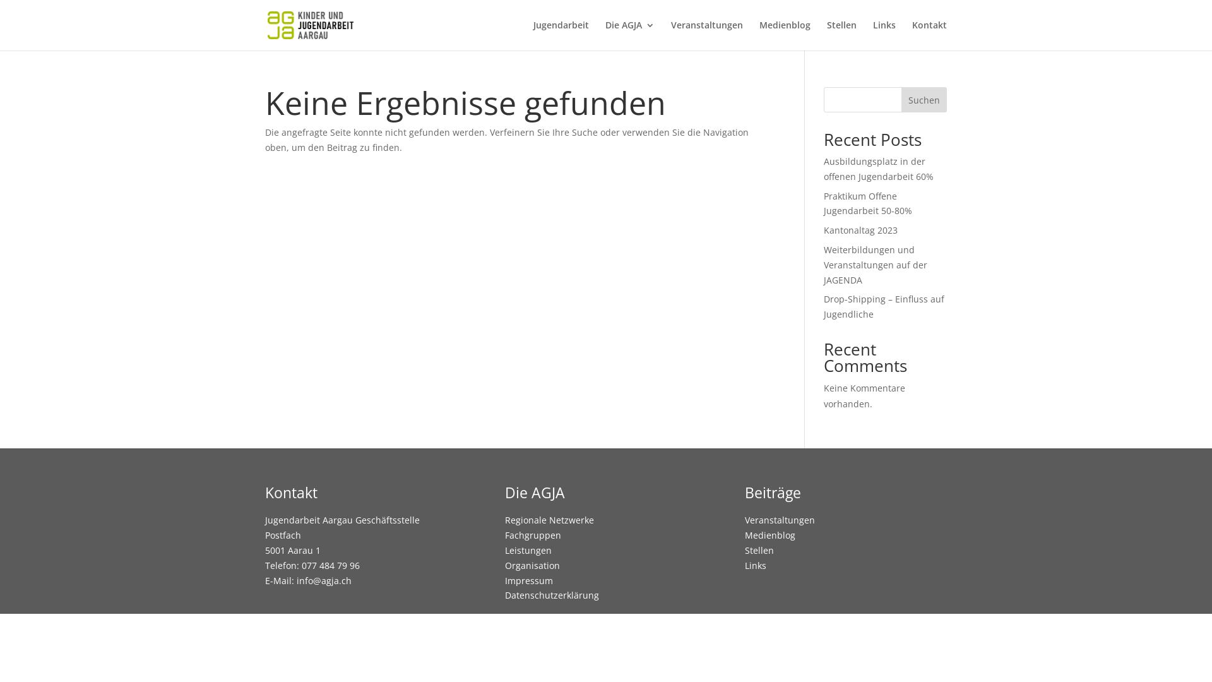 This screenshot has width=1212, height=682. I want to click on 'Stellen', so click(759, 549).